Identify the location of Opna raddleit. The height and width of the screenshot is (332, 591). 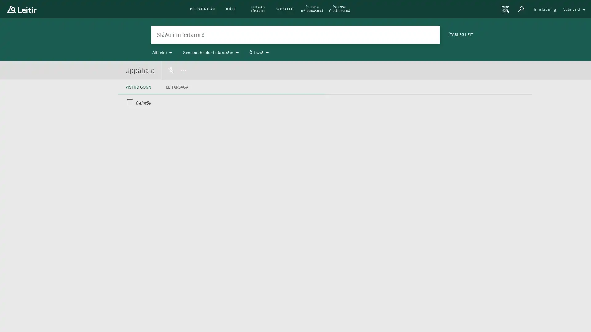
(418, 34).